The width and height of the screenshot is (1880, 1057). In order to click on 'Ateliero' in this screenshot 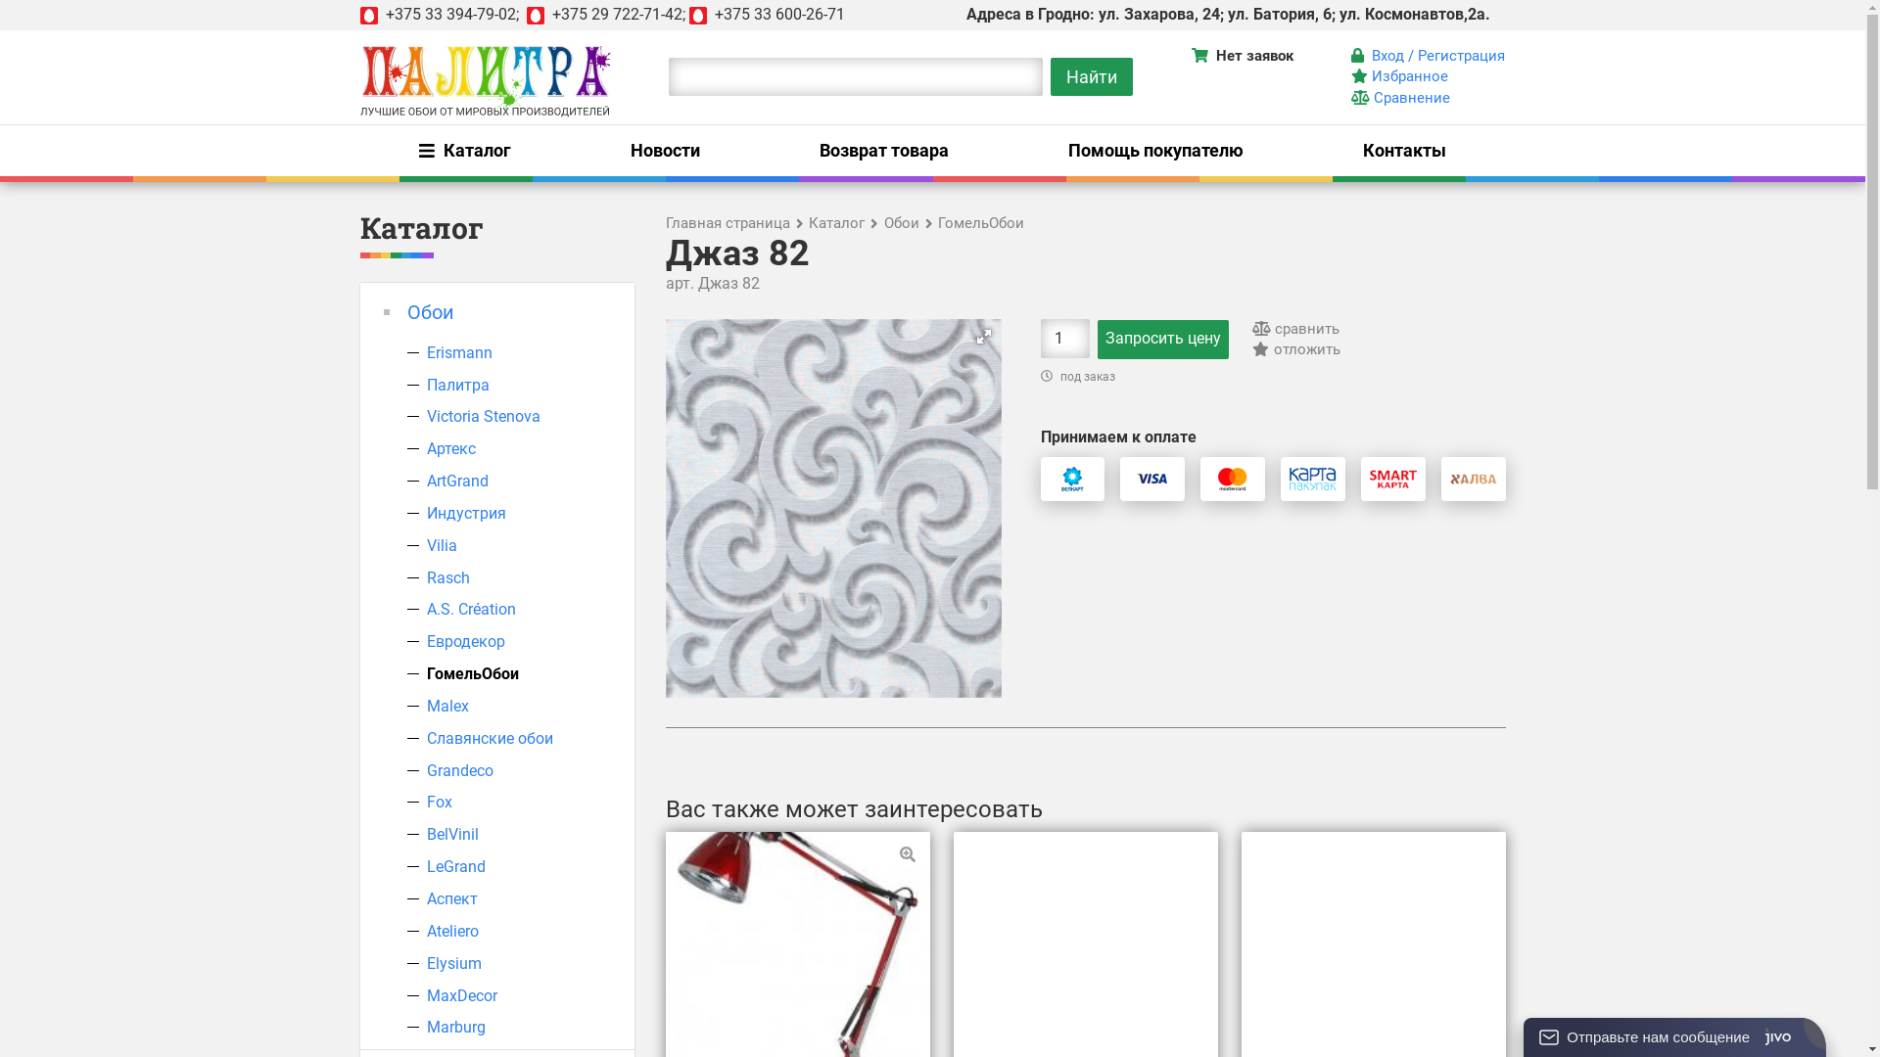, I will do `click(451, 930)`.